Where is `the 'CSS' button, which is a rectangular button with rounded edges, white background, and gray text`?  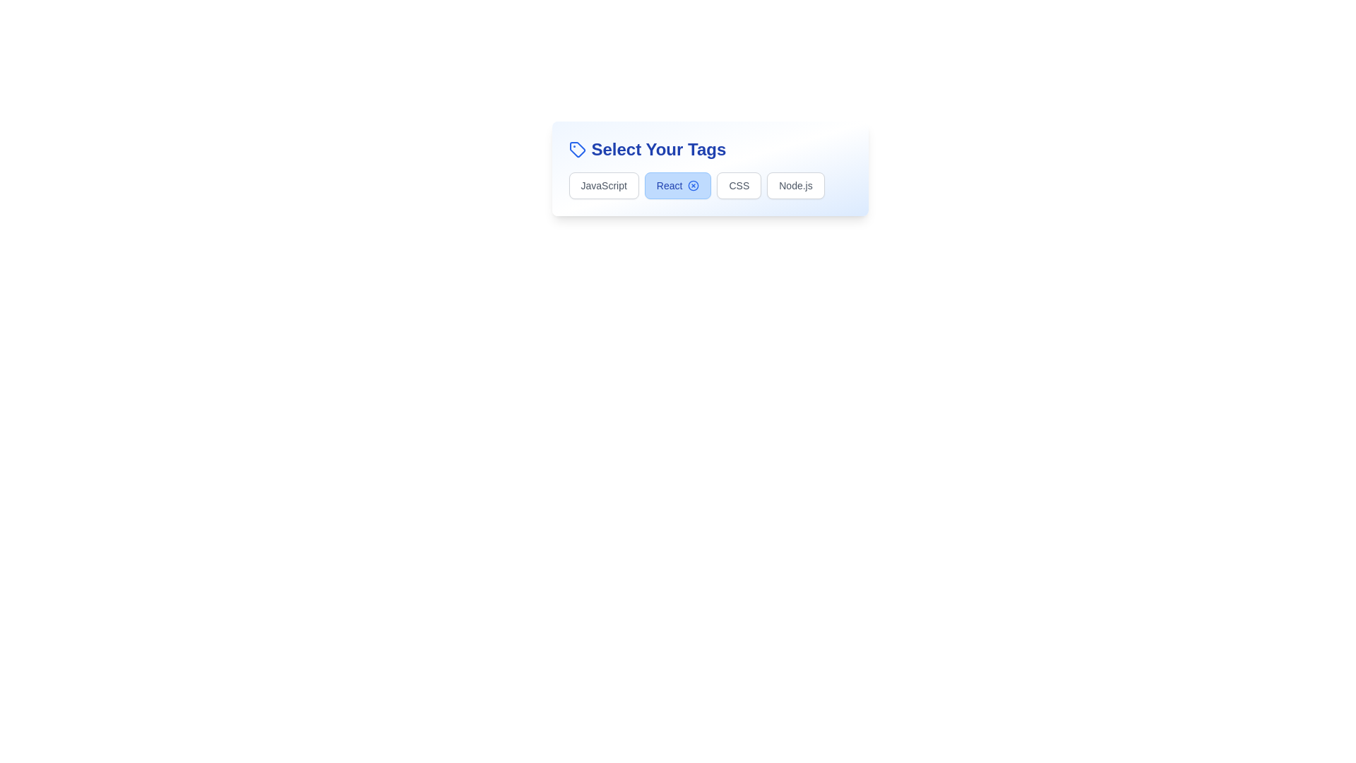 the 'CSS' button, which is a rectangular button with rounded edges, white background, and gray text is located at coordinates (738, 184).